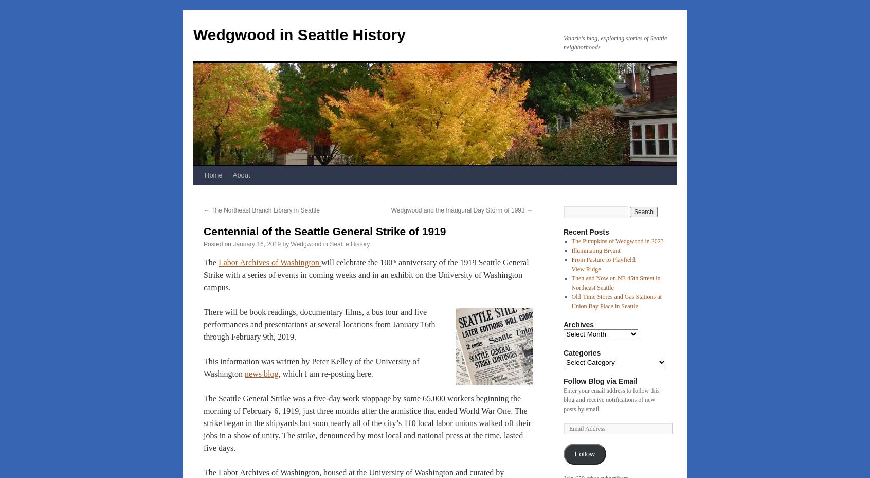 The image size is (870, 478). I want to click on 'The Seattle General Strike was a five-day work stoppage by some 65,000 workers beginning the morning of February 6, 1919, just three months after the armistice that ended World War One. The strike began in the shipyards but soon nearly all of the city’s 110 local labor unions walked off their jobs in a show of unity. The strike, denounced by most local and national press at the time, lasted five days.', so click(203, 422).